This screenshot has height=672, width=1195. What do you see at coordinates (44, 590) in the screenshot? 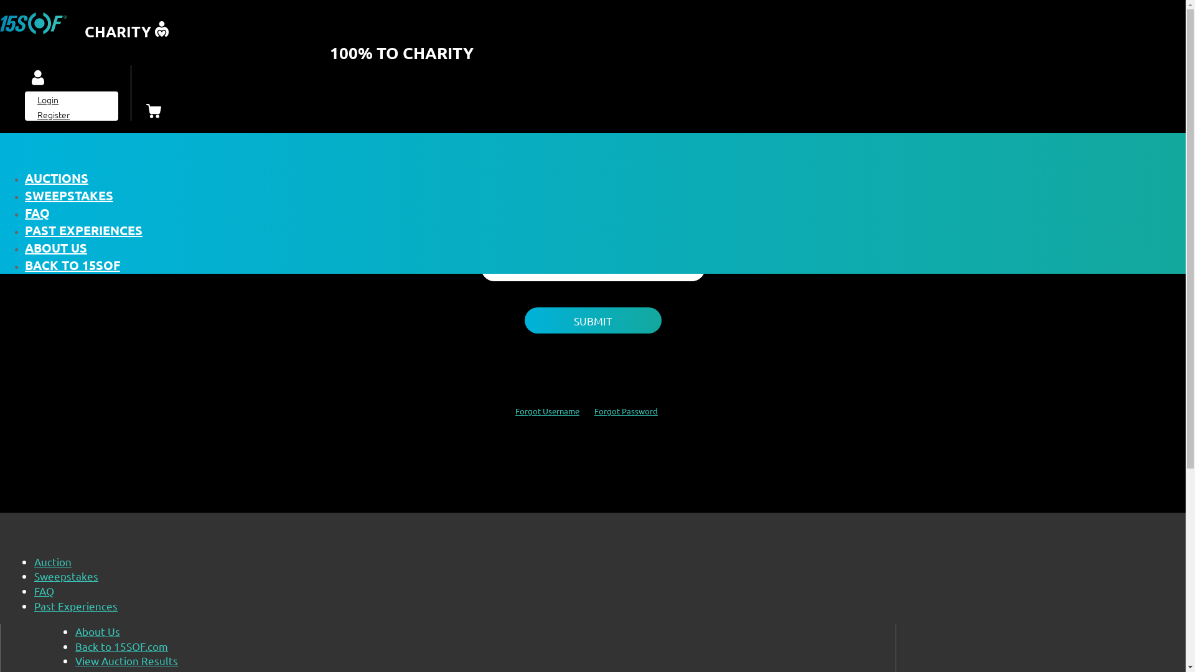
I see `'FAQ'` at bounding box center [44, 590].